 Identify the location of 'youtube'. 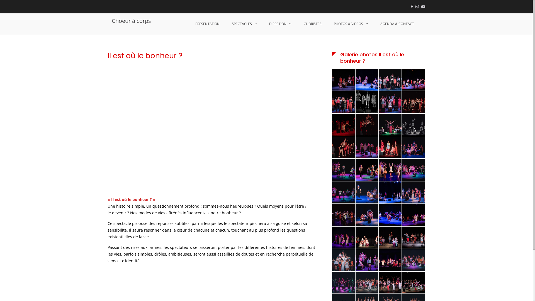
(423, 6).